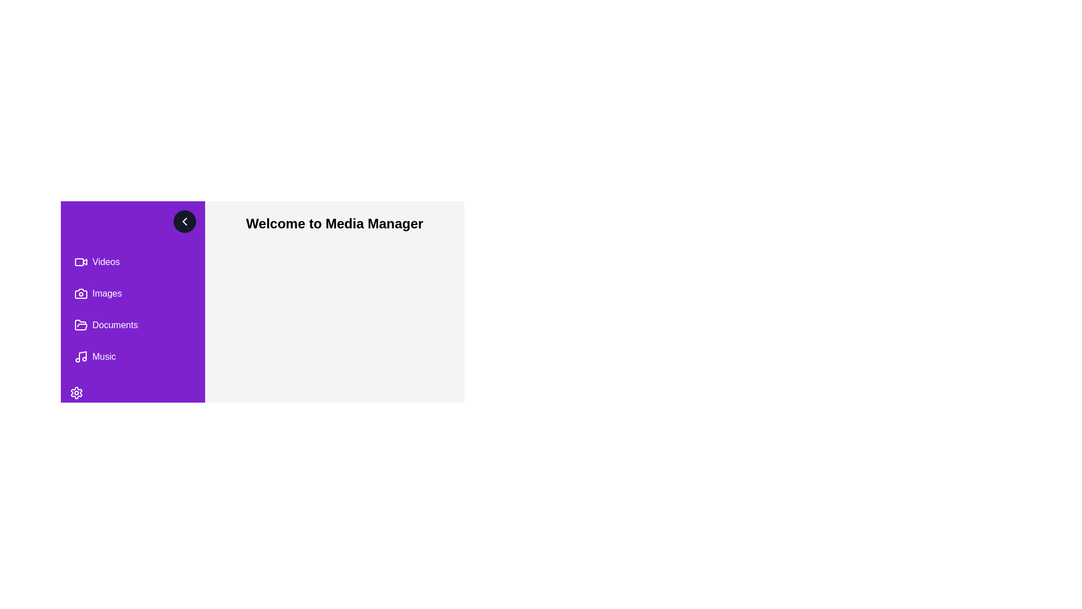 The width and height of the screenshot is (1082, 609). I want to click on the menu item labeled Images, so click(132, 293).